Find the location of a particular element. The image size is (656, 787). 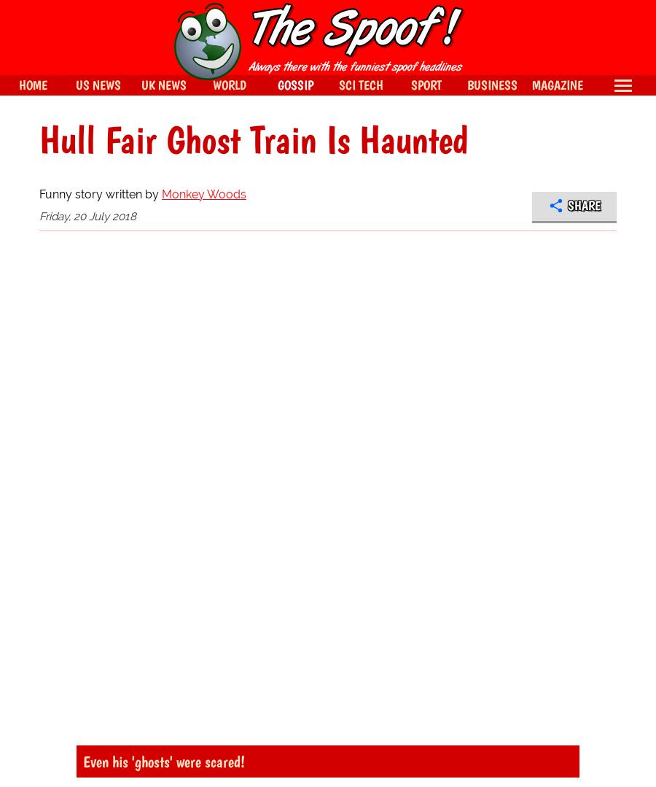

'Business' is located at coordinates (466, 85).